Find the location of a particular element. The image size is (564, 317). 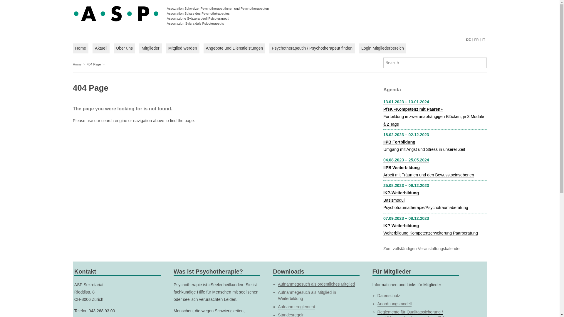

'Aufnahmegesuch als Mitglied in Weiterbildung' is located at coordinates (307, 295).